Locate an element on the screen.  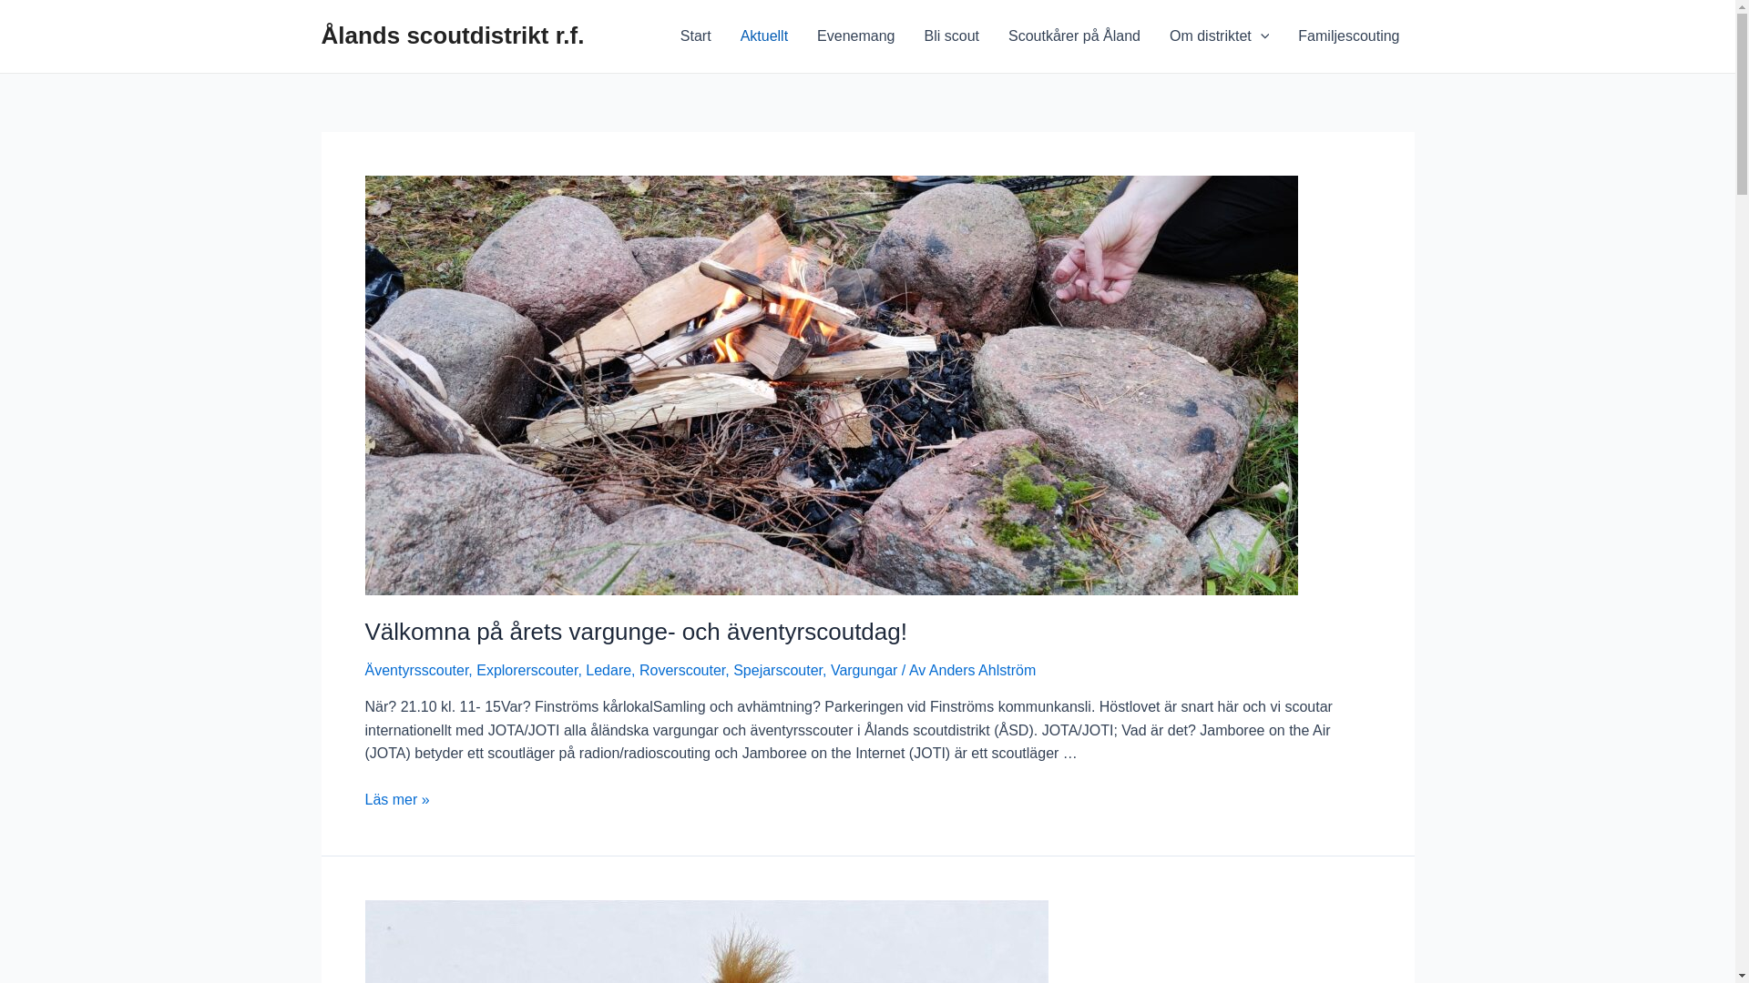
'Start' is located at coordinates (694, 35).